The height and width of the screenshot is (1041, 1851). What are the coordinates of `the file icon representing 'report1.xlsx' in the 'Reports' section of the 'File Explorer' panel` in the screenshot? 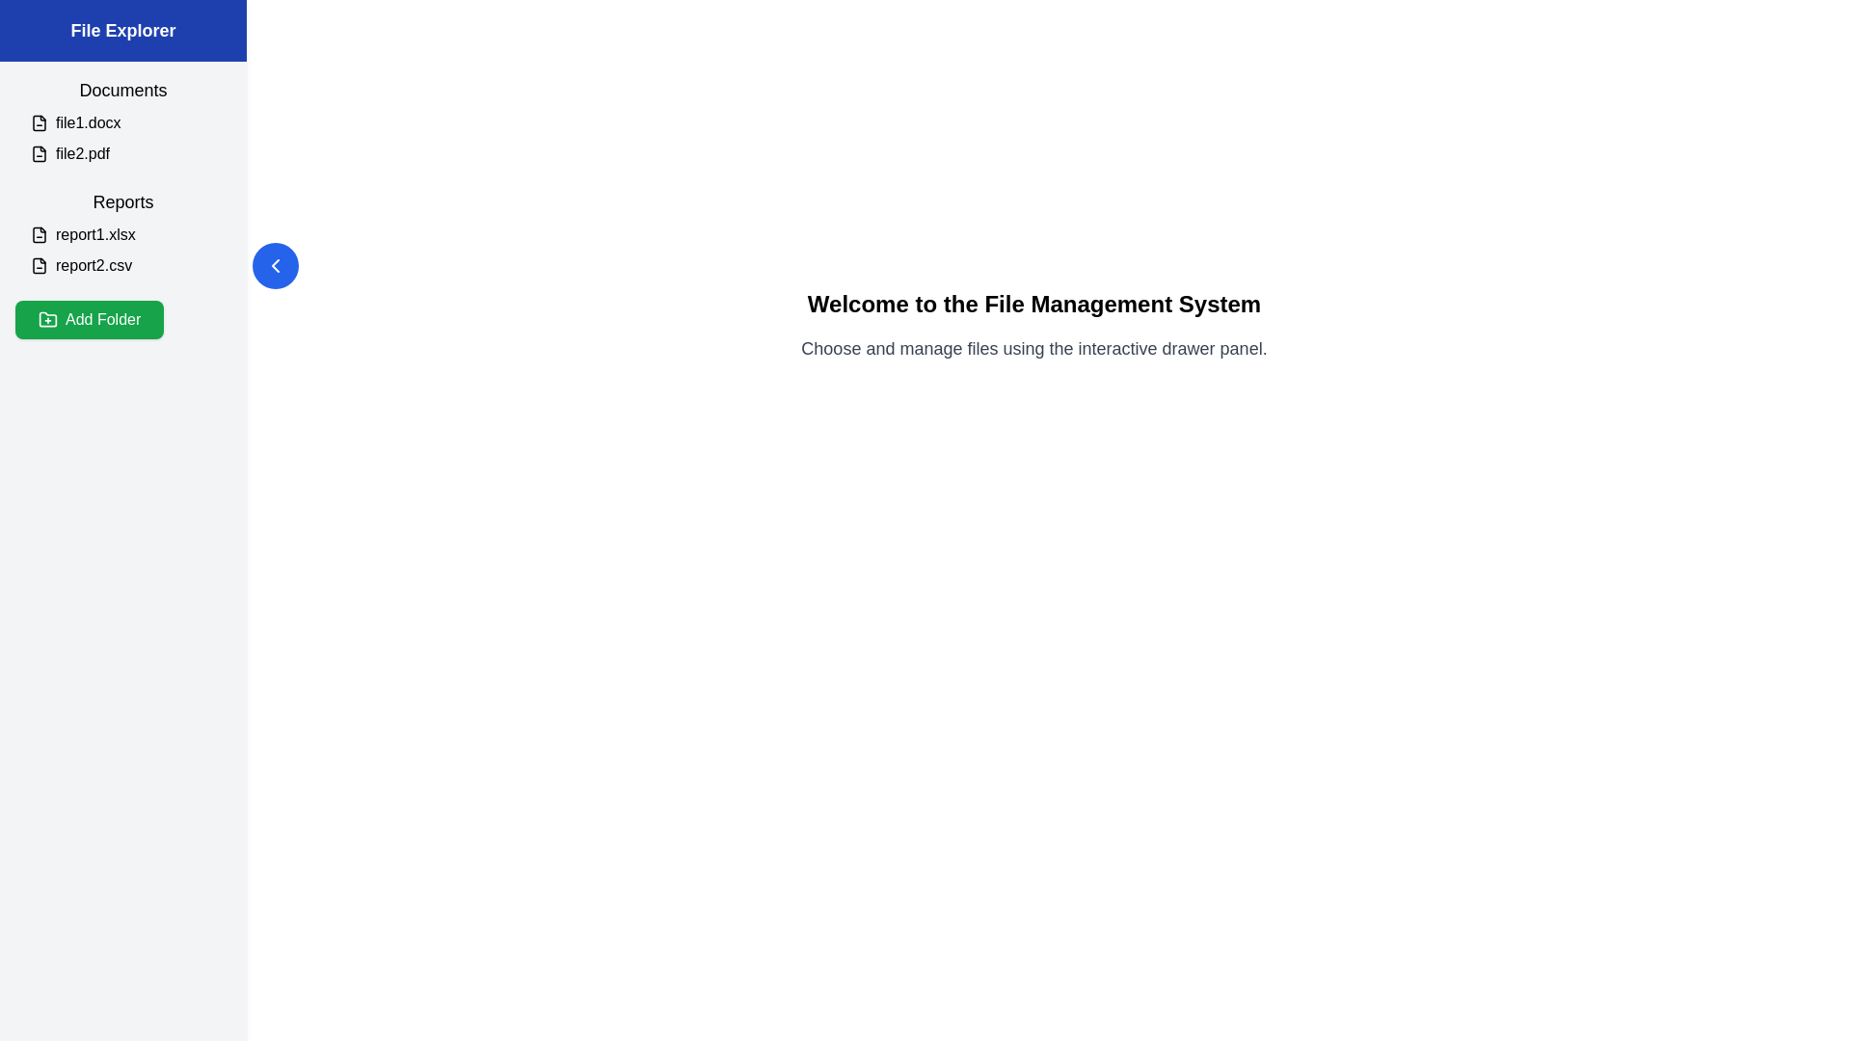 It's located at (40, 233).